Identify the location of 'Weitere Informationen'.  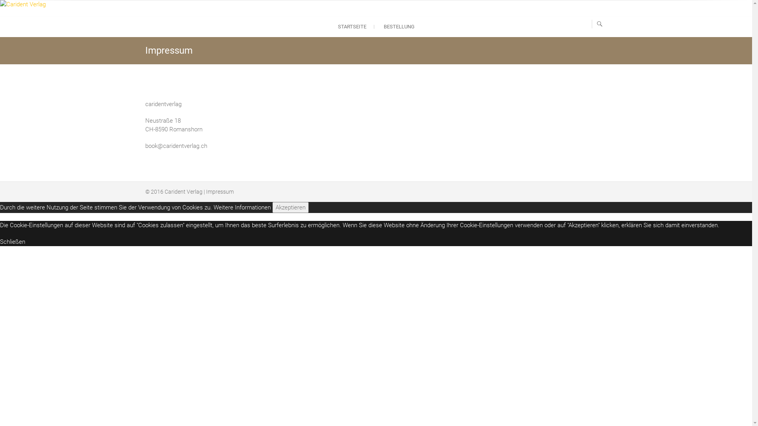
(242, 207).